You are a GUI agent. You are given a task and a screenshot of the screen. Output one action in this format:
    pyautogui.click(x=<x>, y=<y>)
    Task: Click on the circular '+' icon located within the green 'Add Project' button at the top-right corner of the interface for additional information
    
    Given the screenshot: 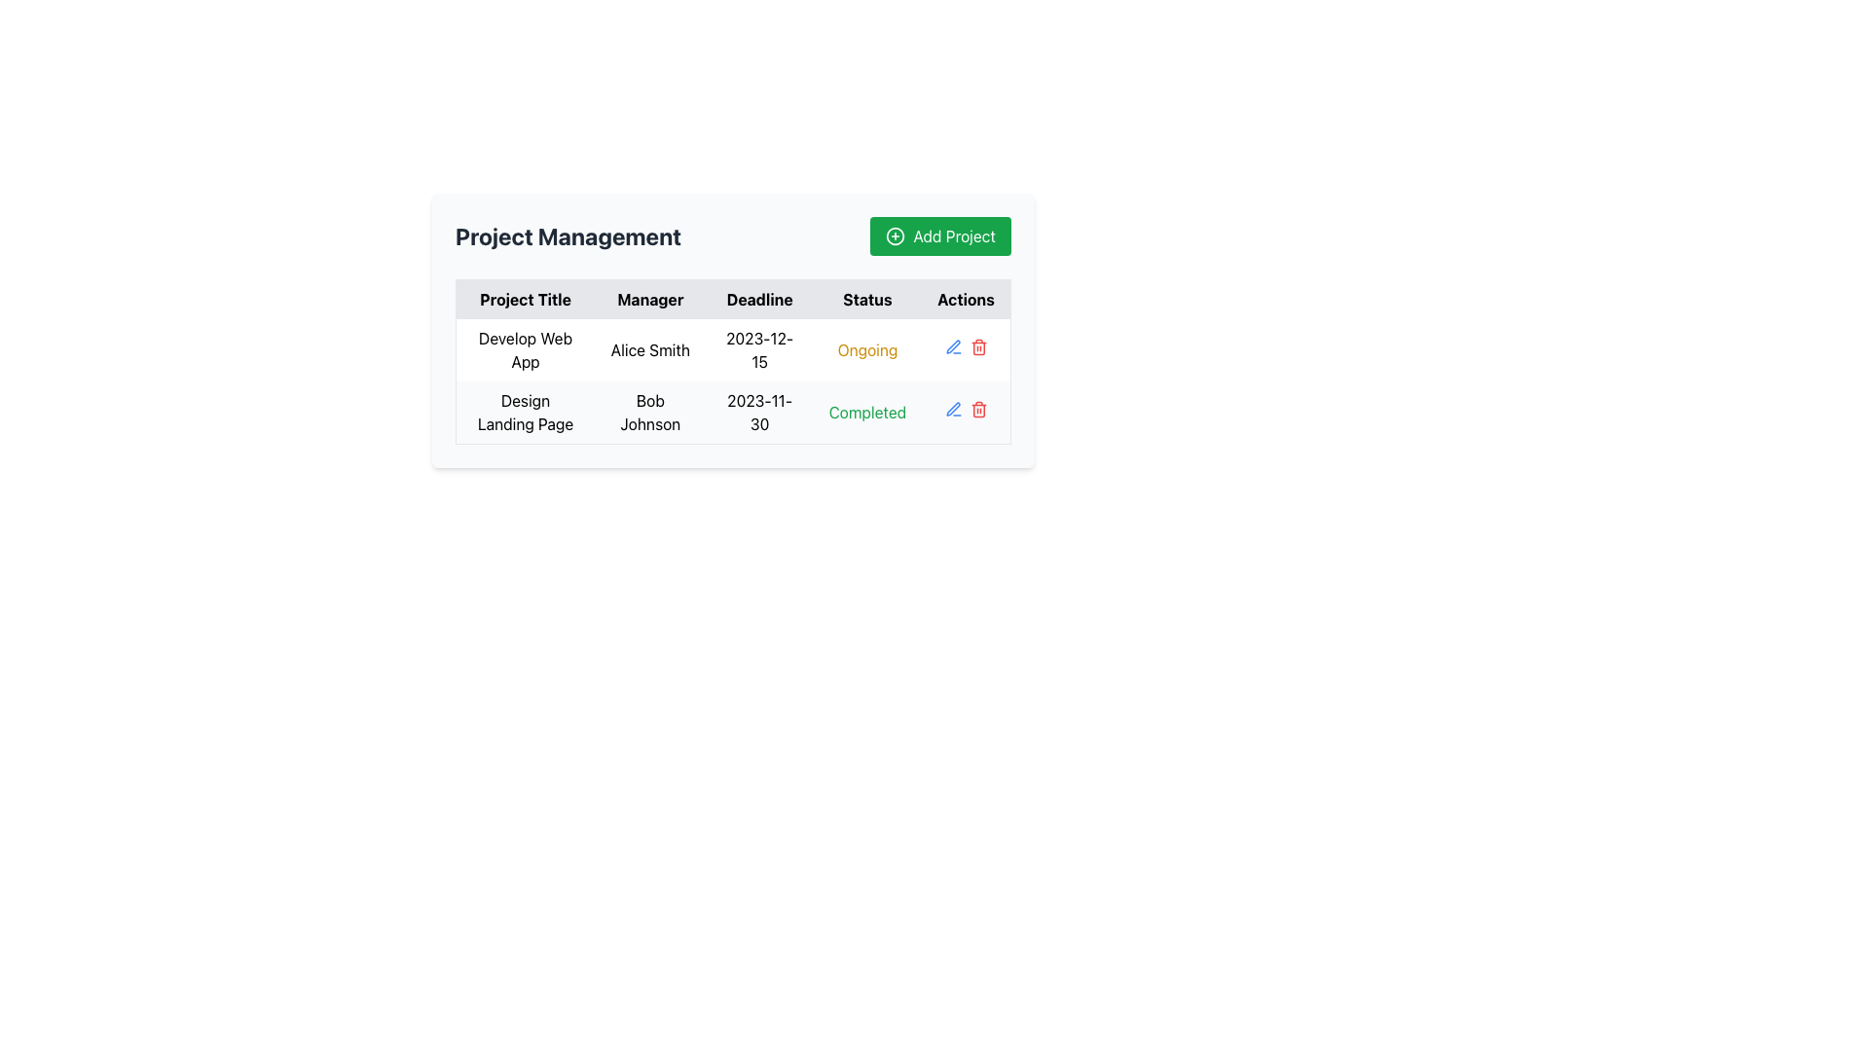 What is the action you would take?
    pyautogui.click(x=895, y=236)
    